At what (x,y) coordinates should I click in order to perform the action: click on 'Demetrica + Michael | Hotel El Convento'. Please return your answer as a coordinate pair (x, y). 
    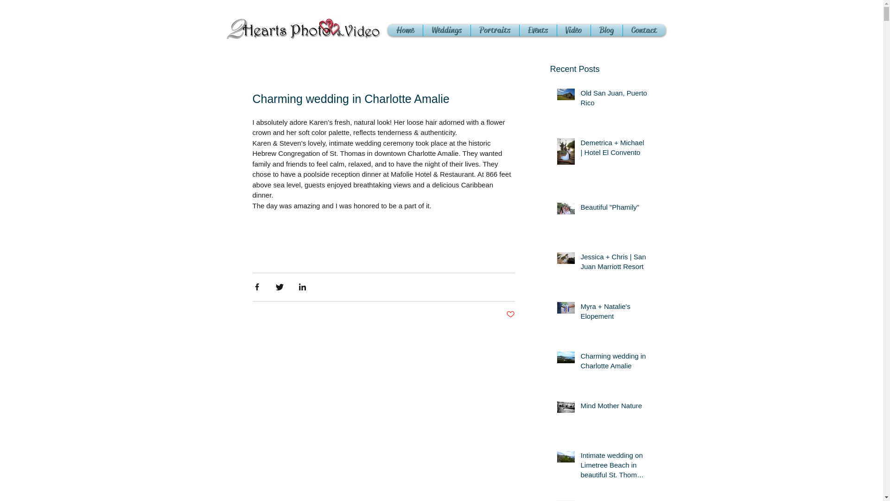
    Looking at the image, I should click on (614, 148).